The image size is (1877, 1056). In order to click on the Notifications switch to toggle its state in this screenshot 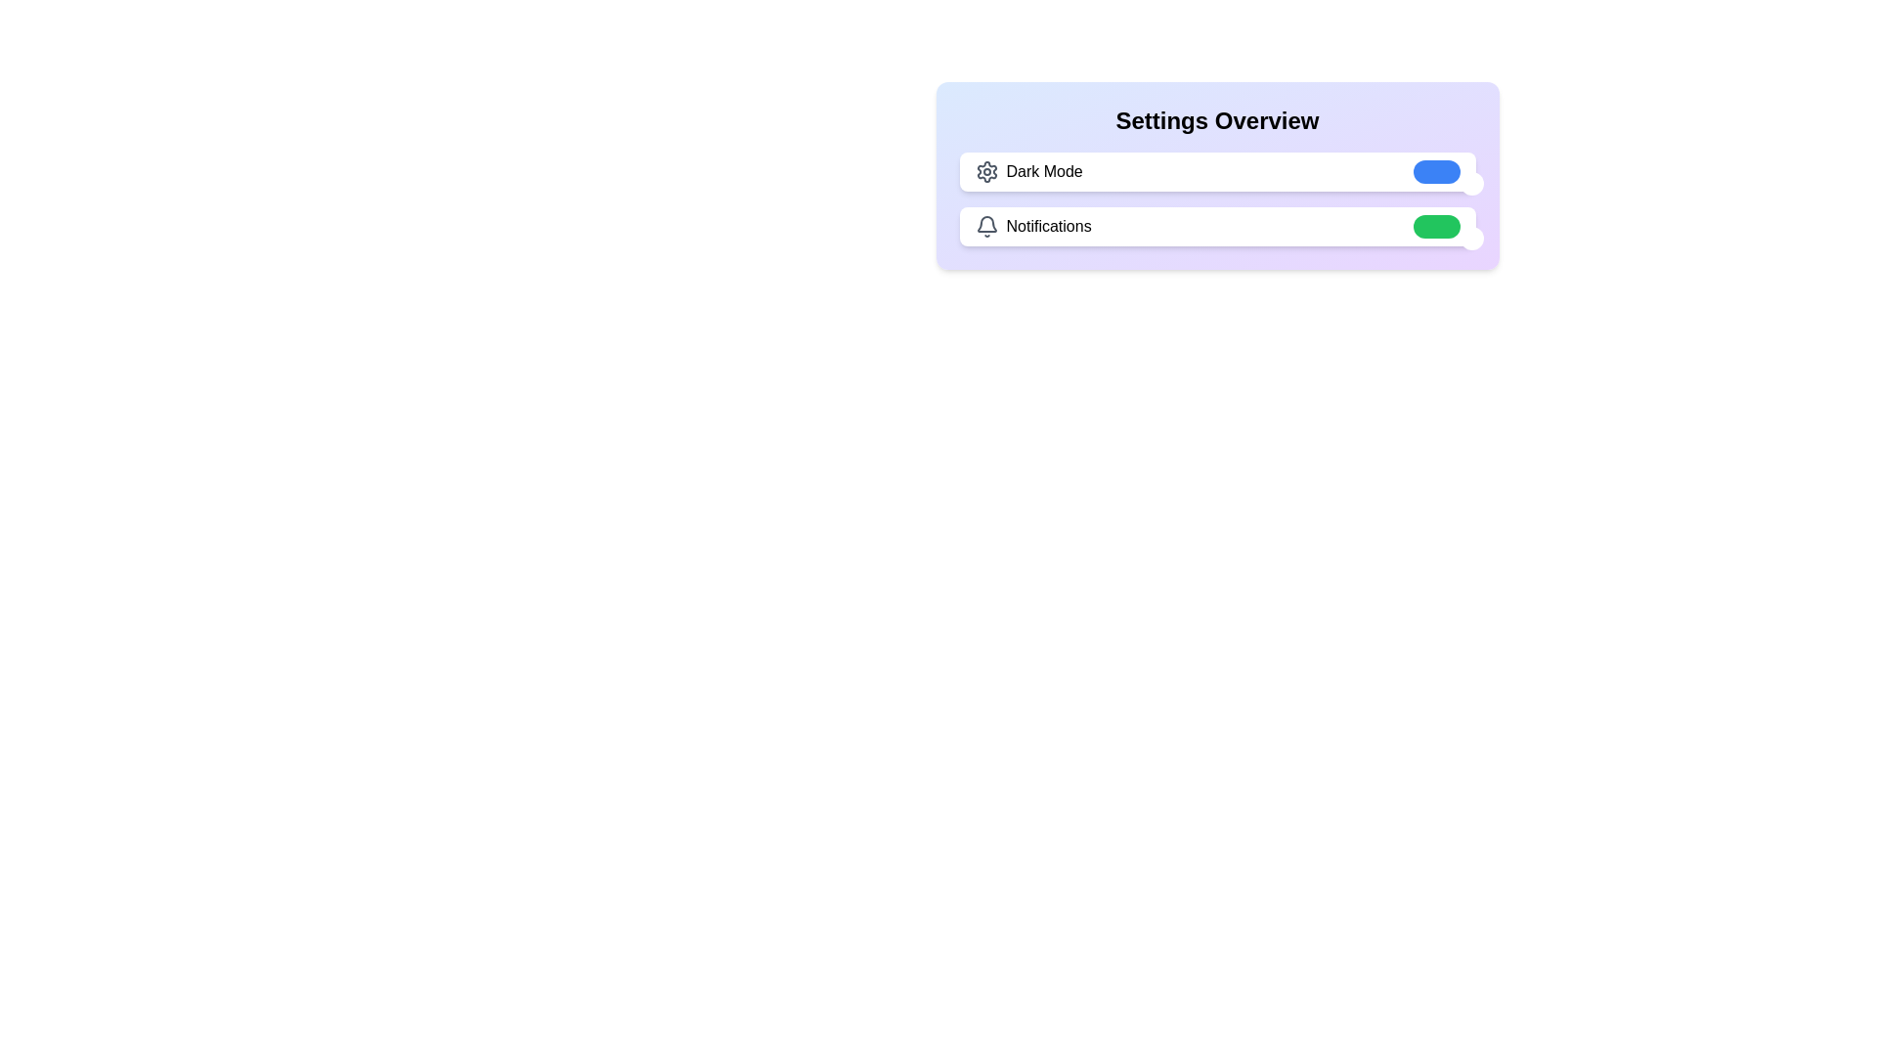, I will do `click(1436, 225)`.